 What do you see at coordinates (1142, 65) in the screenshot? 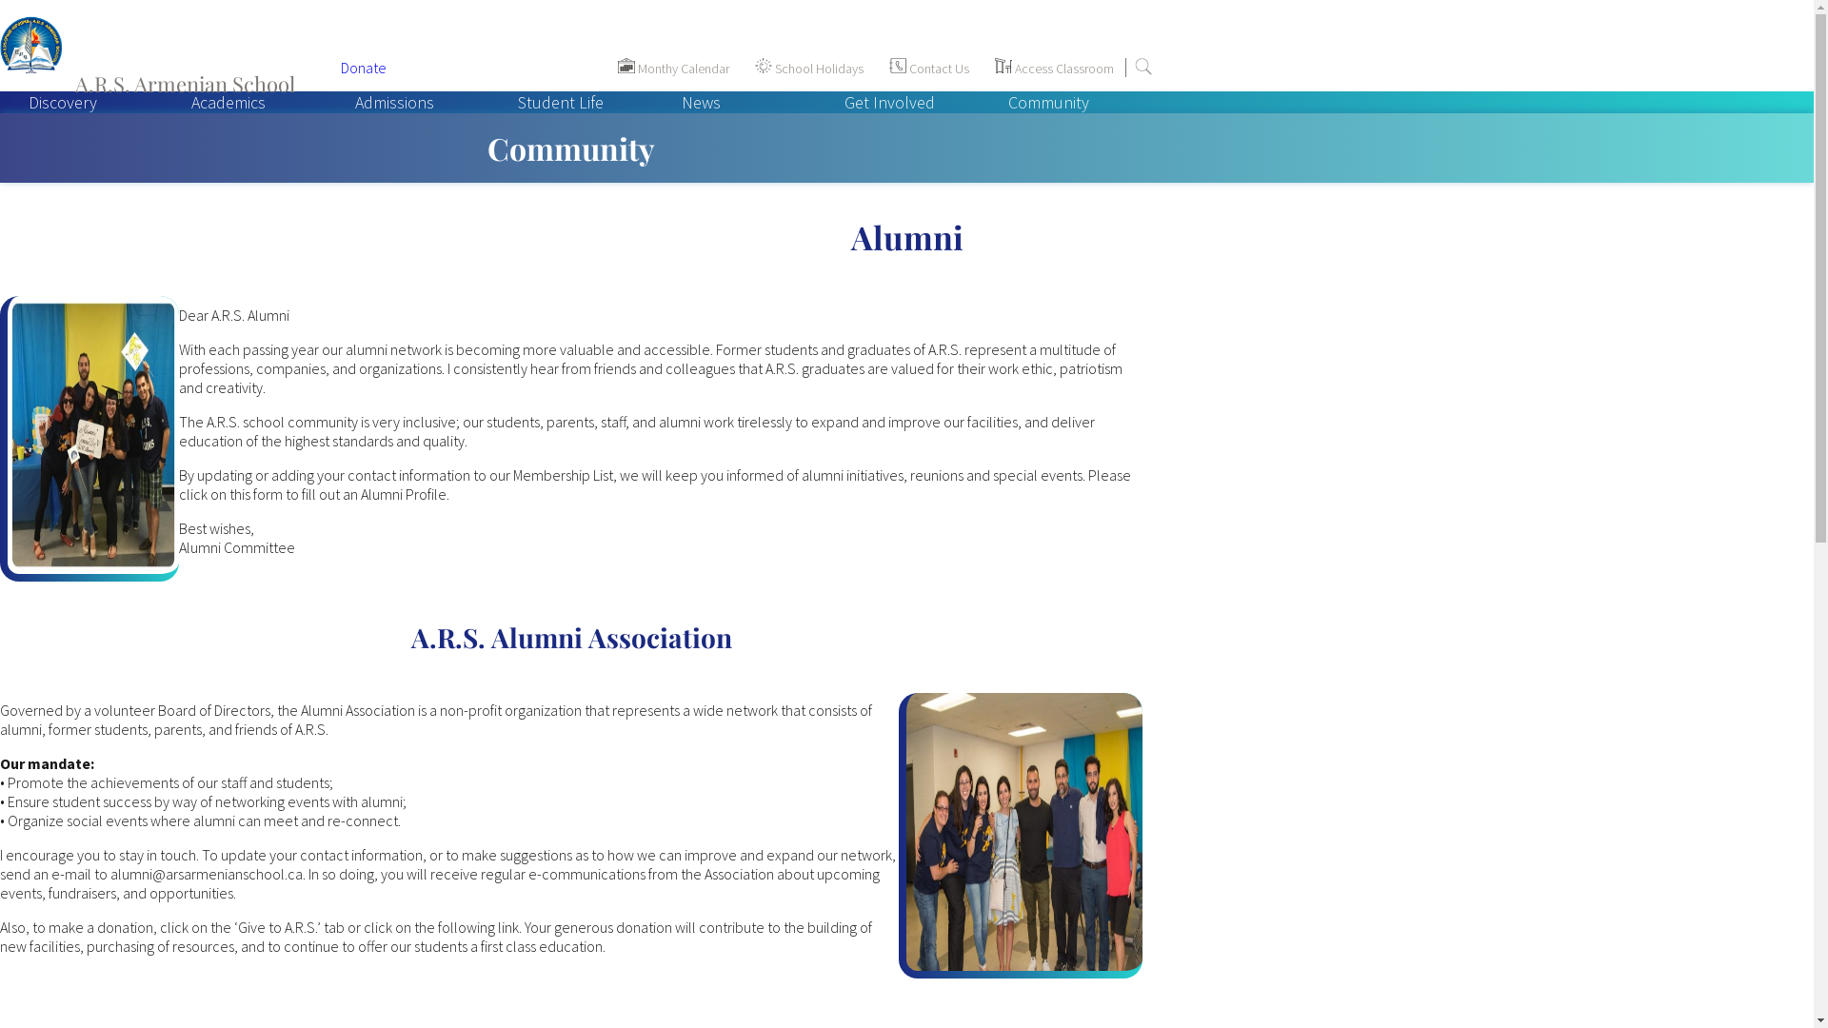
I see `'Rechercher'` at bounding box center [1142, 65].